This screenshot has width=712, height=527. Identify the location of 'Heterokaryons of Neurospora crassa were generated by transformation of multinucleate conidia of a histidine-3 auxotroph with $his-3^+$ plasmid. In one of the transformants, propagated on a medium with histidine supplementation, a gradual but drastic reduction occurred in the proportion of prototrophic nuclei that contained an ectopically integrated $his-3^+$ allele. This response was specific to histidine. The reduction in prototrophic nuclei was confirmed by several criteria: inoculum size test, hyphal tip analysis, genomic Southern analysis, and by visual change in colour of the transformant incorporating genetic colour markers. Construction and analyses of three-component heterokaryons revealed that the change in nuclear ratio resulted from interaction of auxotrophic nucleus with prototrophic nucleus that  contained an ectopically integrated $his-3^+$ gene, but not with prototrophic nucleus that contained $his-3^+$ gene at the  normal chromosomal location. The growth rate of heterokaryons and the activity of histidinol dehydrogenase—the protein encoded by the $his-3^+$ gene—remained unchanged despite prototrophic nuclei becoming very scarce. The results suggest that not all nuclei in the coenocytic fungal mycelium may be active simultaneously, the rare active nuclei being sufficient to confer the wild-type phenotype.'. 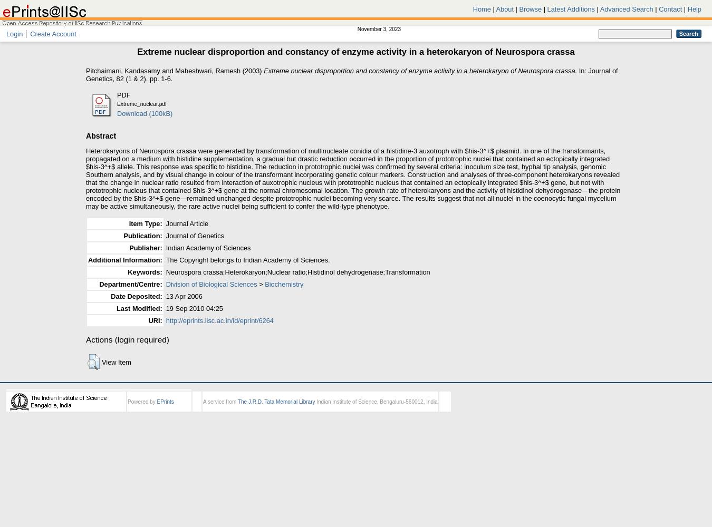
(353, 178).